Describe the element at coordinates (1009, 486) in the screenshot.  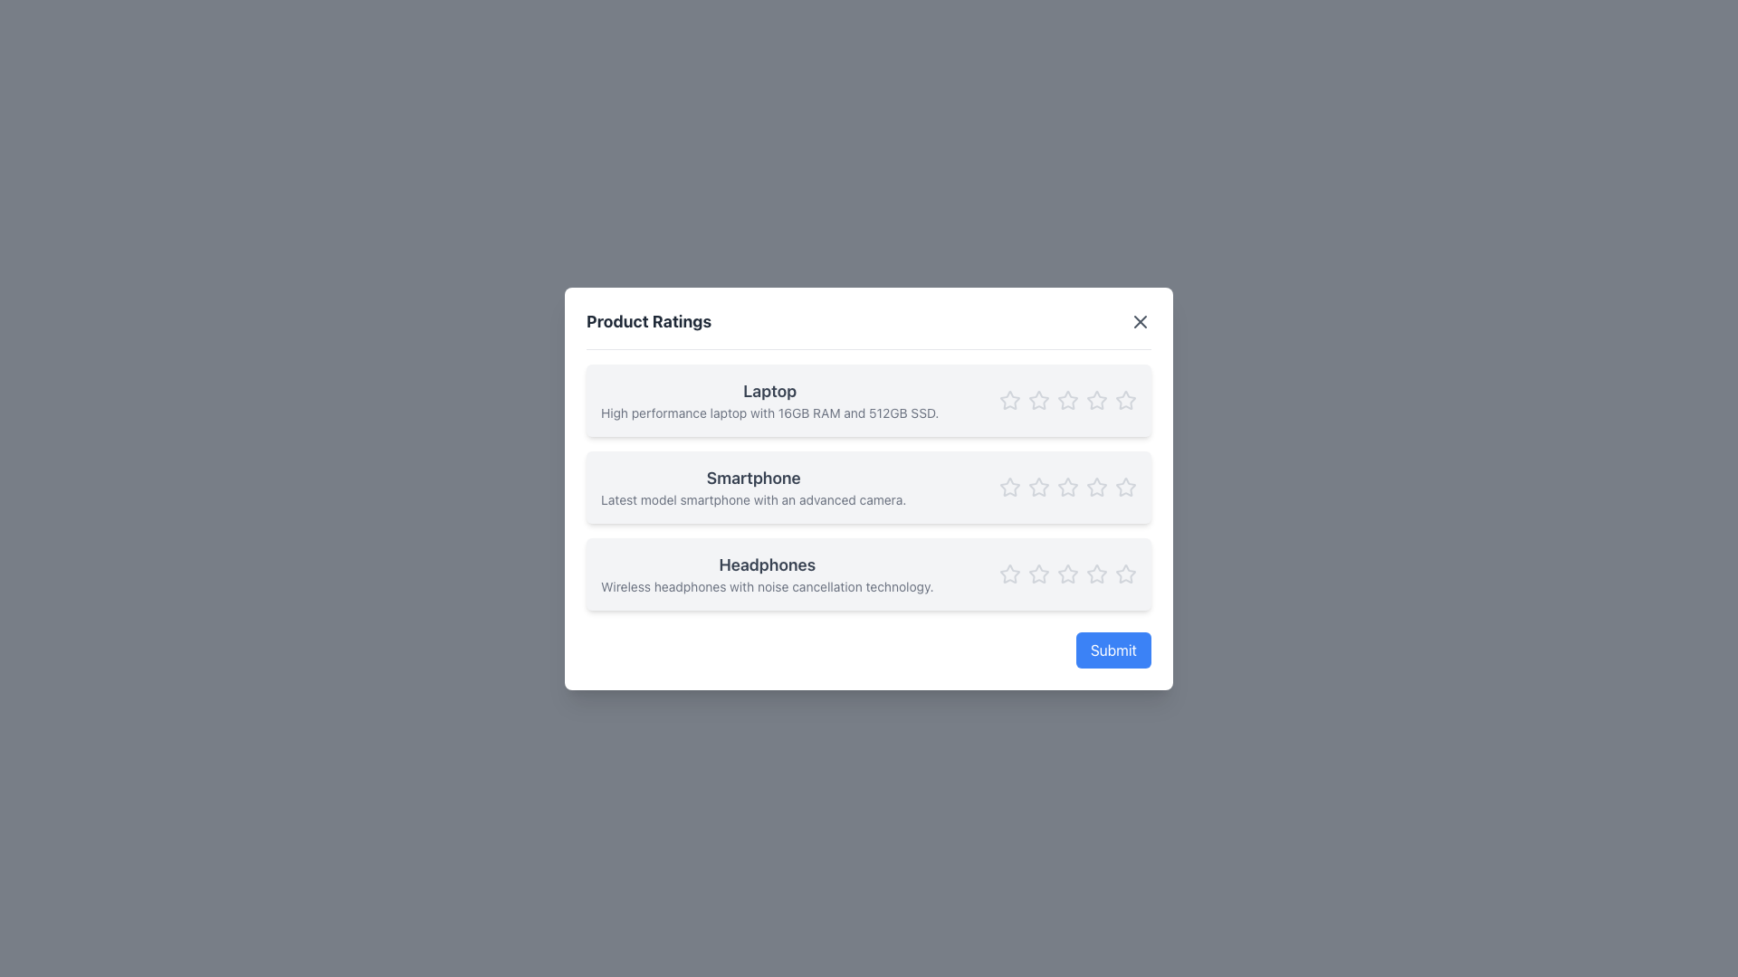
I see `the first star-shaped outline icon in the rating system for the 'Smartphone' label` at that location.